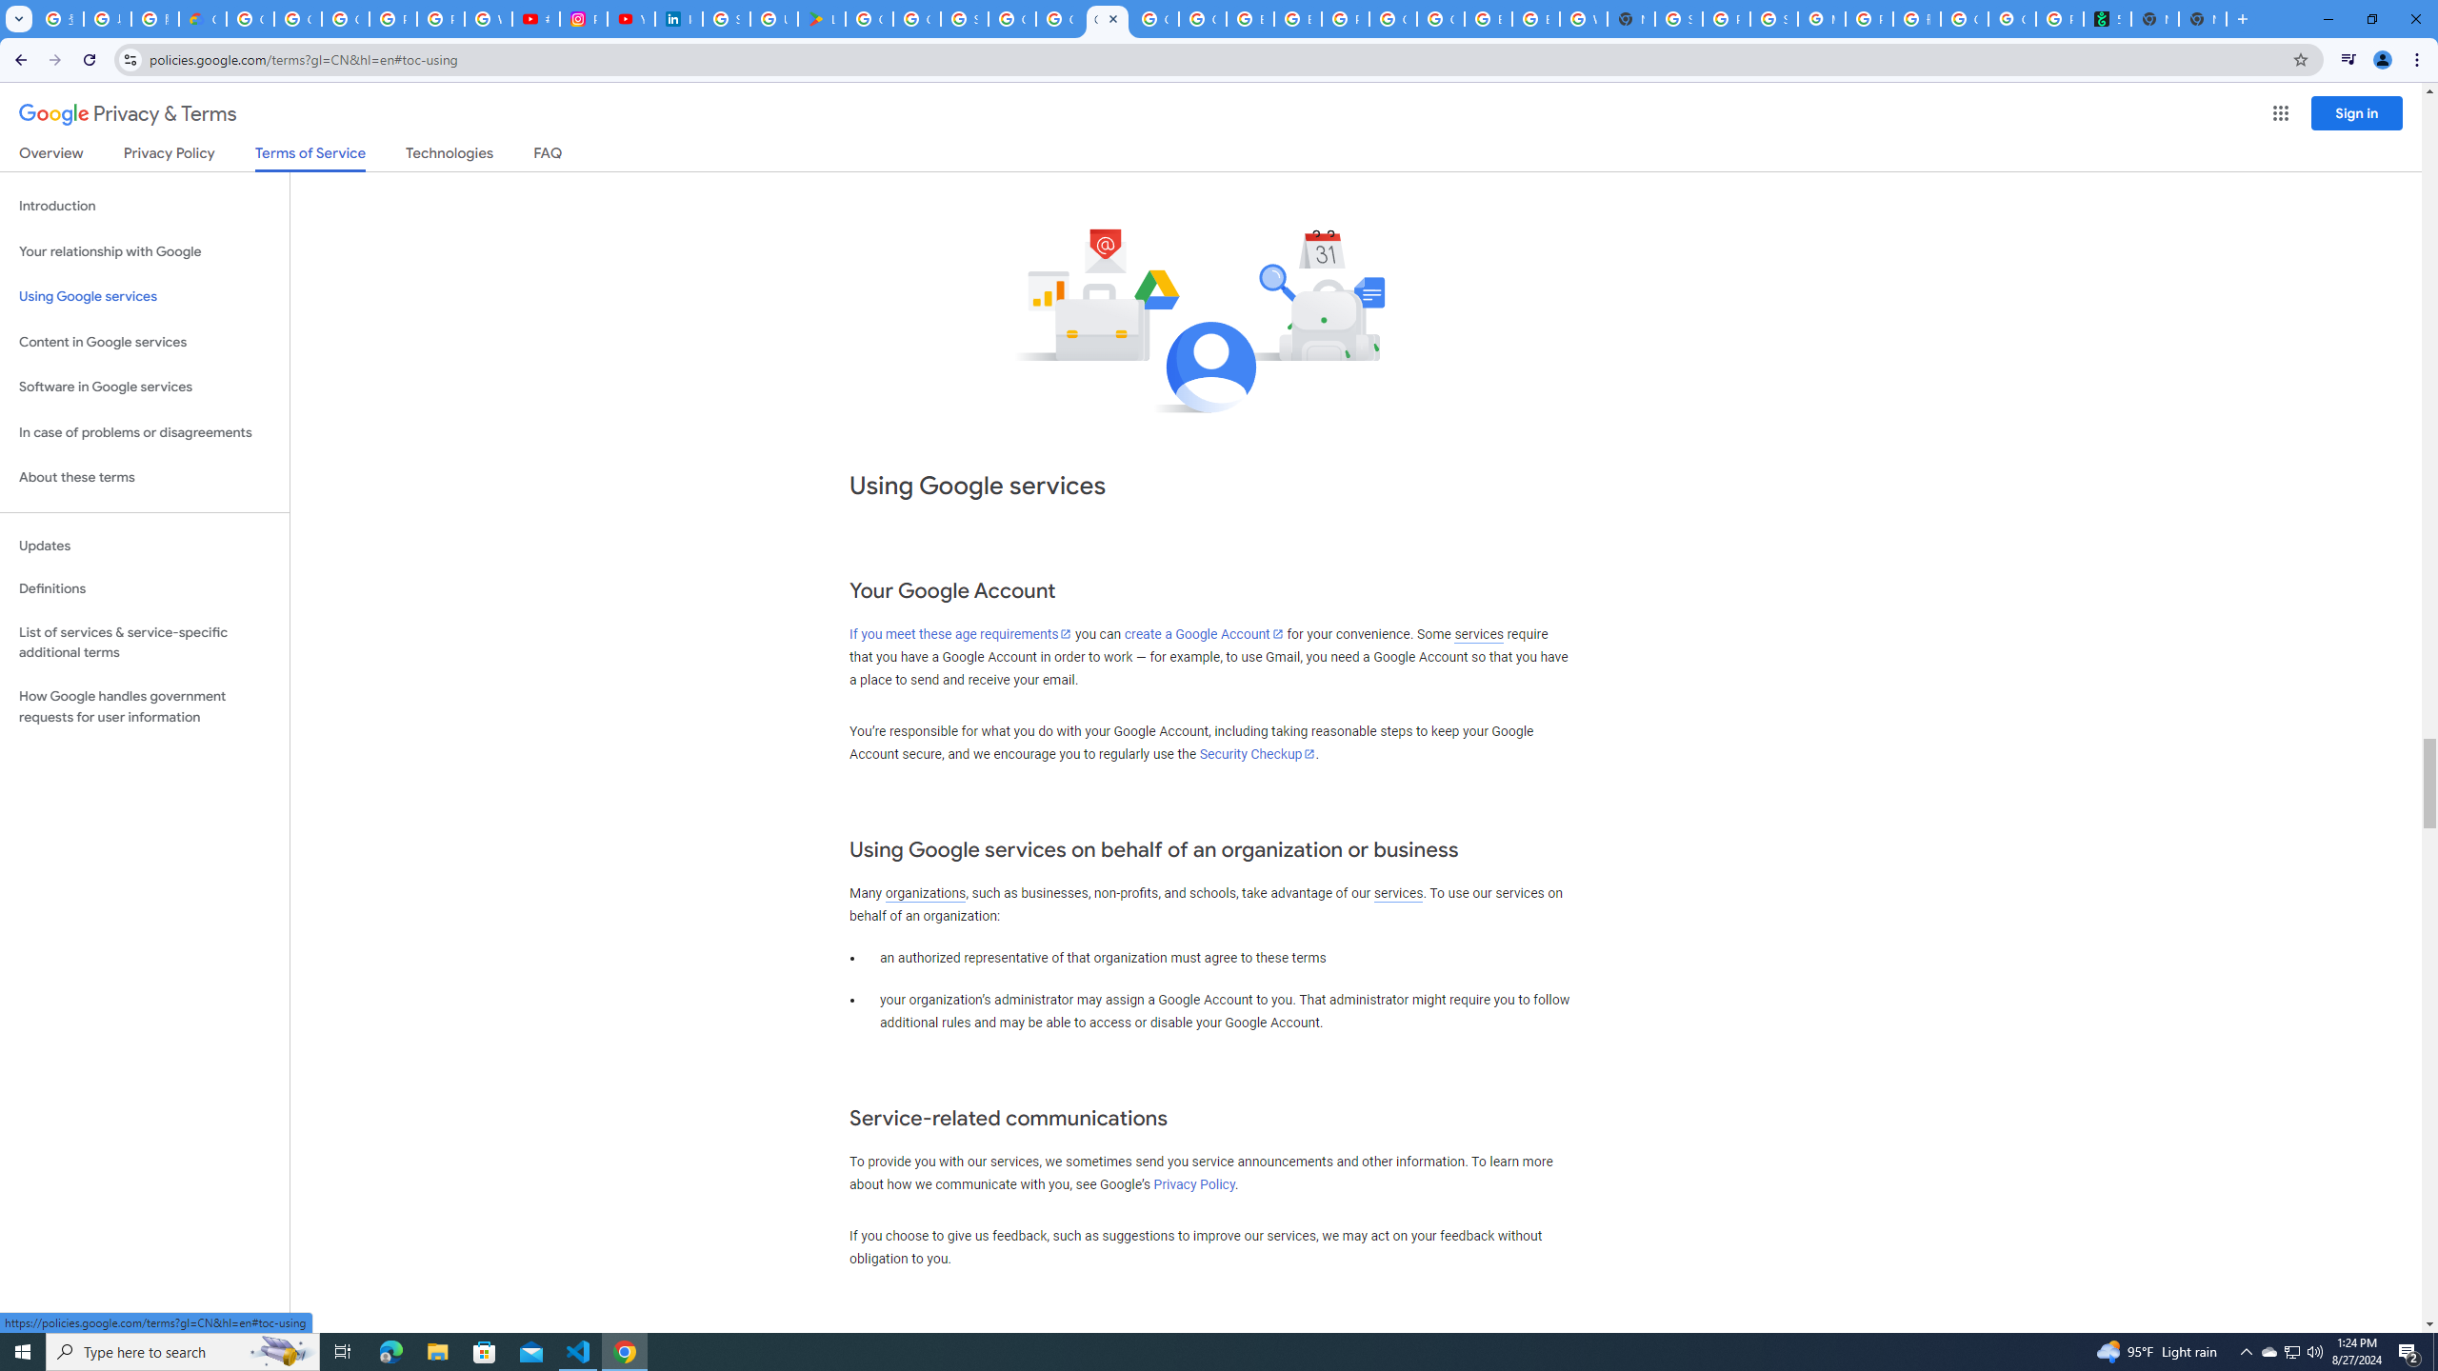  Describe the element at coordinates (2201, 18) in the screenshot. I see `'New Tab'` at that location.